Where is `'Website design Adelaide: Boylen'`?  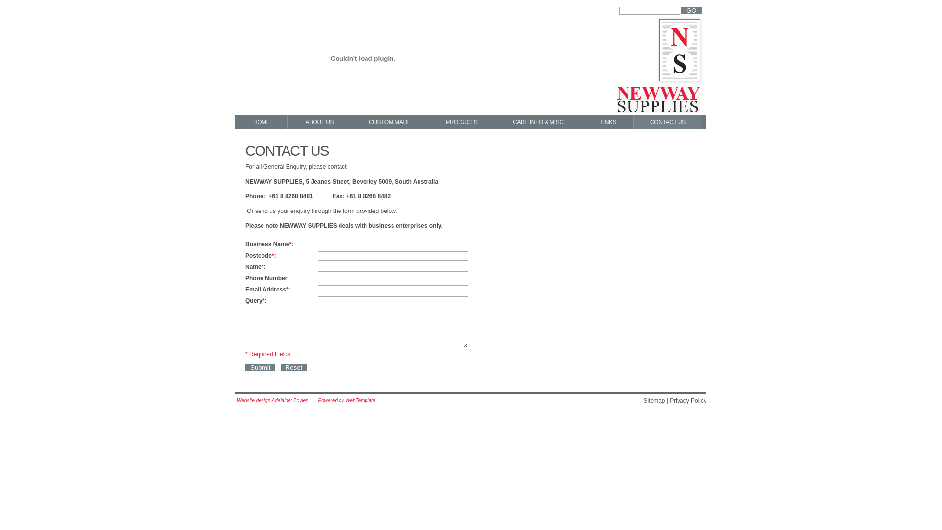
'Website design Adelaide: Boylen' is located at coordinates (273, 400).